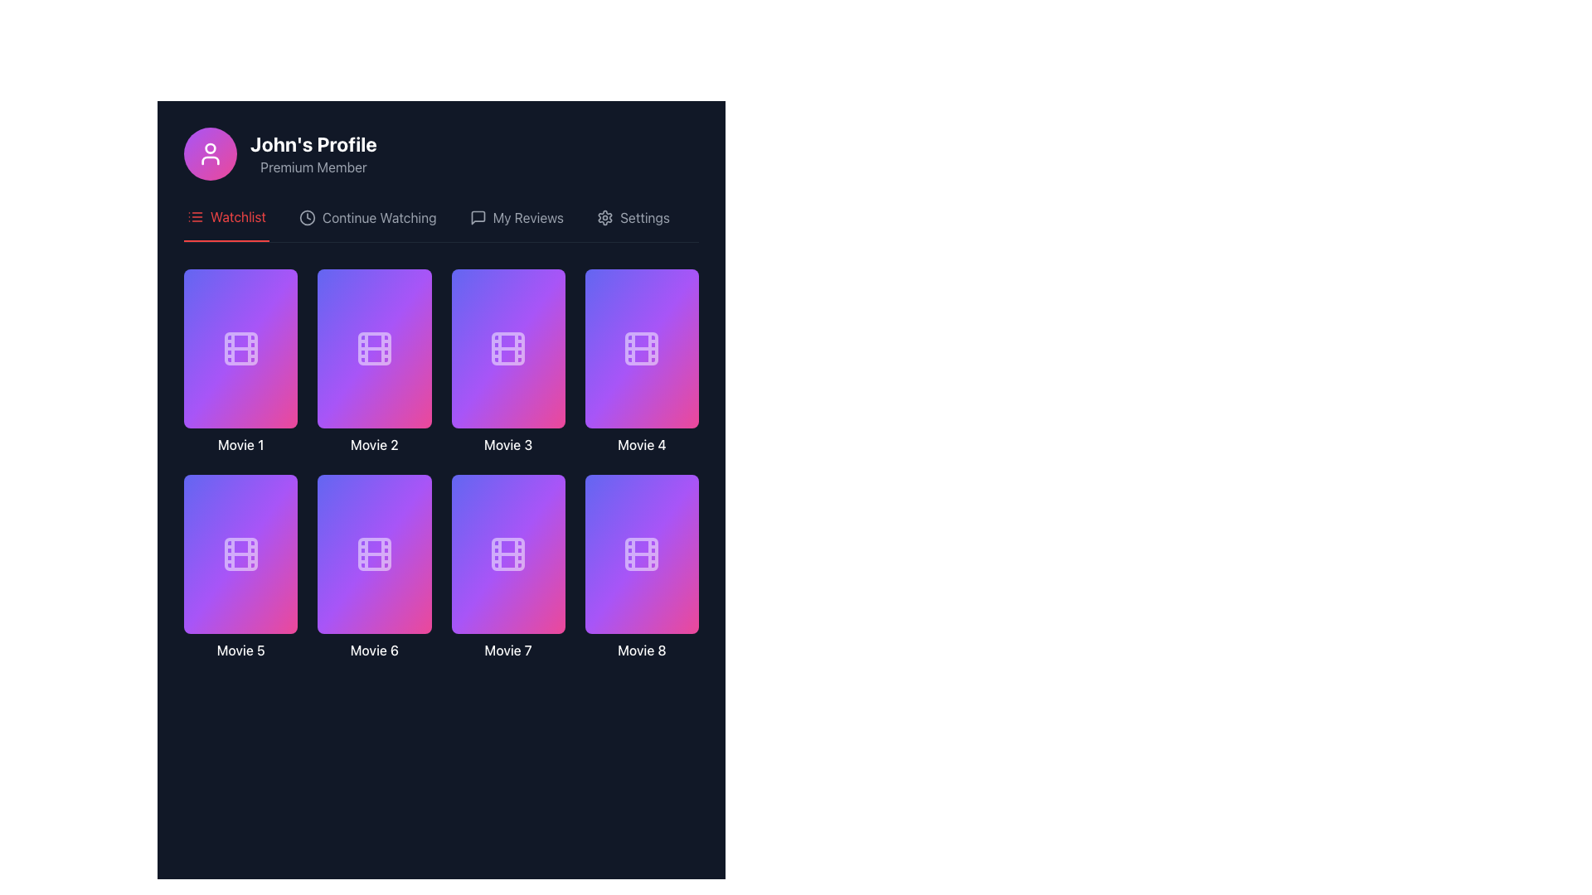  Describe the element at coordinates (643, 216) in the screenshot. I see `the text label in the top-right navigation bar` at that location.